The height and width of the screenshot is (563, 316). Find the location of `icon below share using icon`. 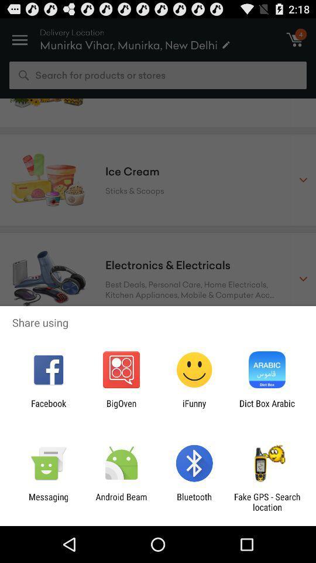

icon below share using icon is located at coordinates (194, 408).